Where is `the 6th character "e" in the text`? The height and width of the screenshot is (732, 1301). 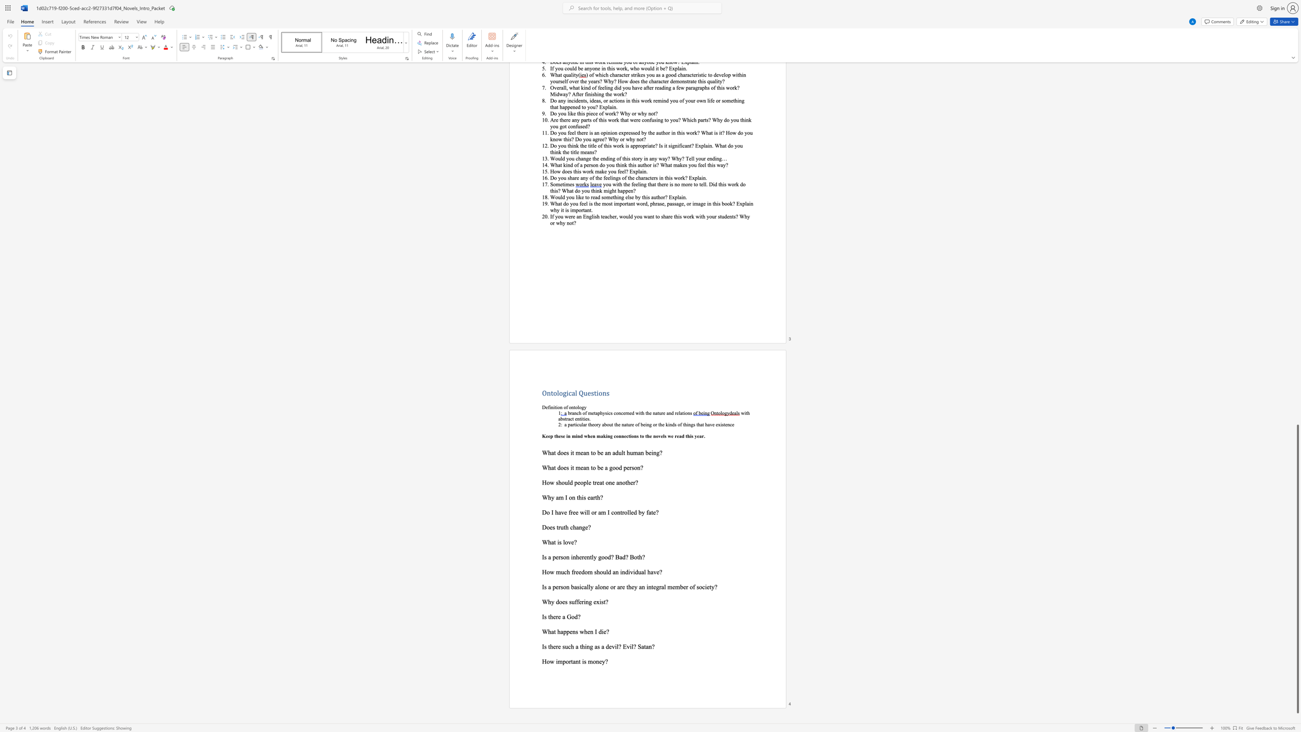
the 6th character "e" in the text is located at coordinates (708, 587).